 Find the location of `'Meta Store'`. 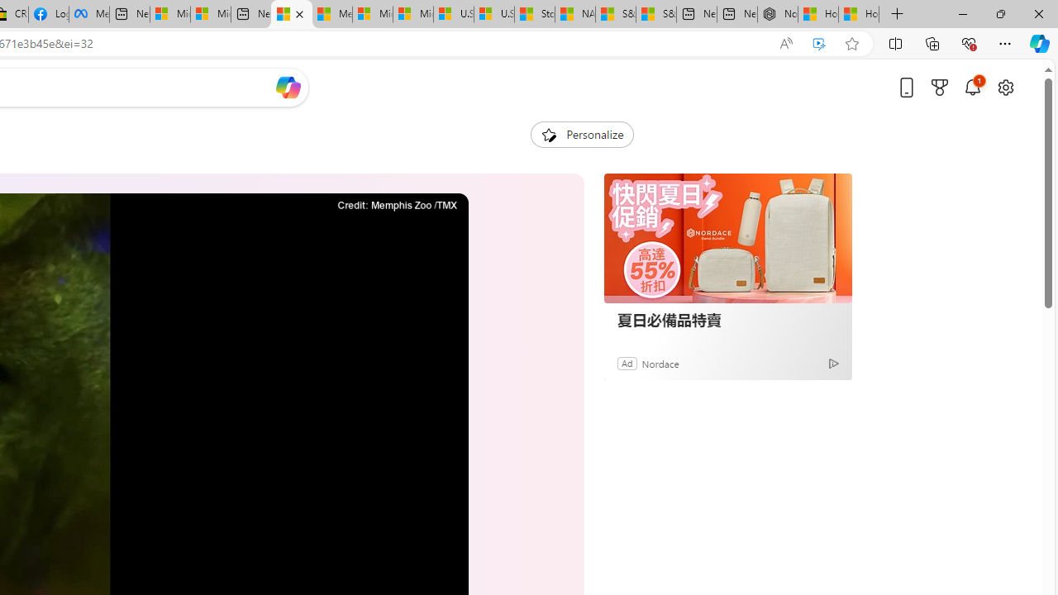

'Meta Store' is located at coordinates (88, 14).